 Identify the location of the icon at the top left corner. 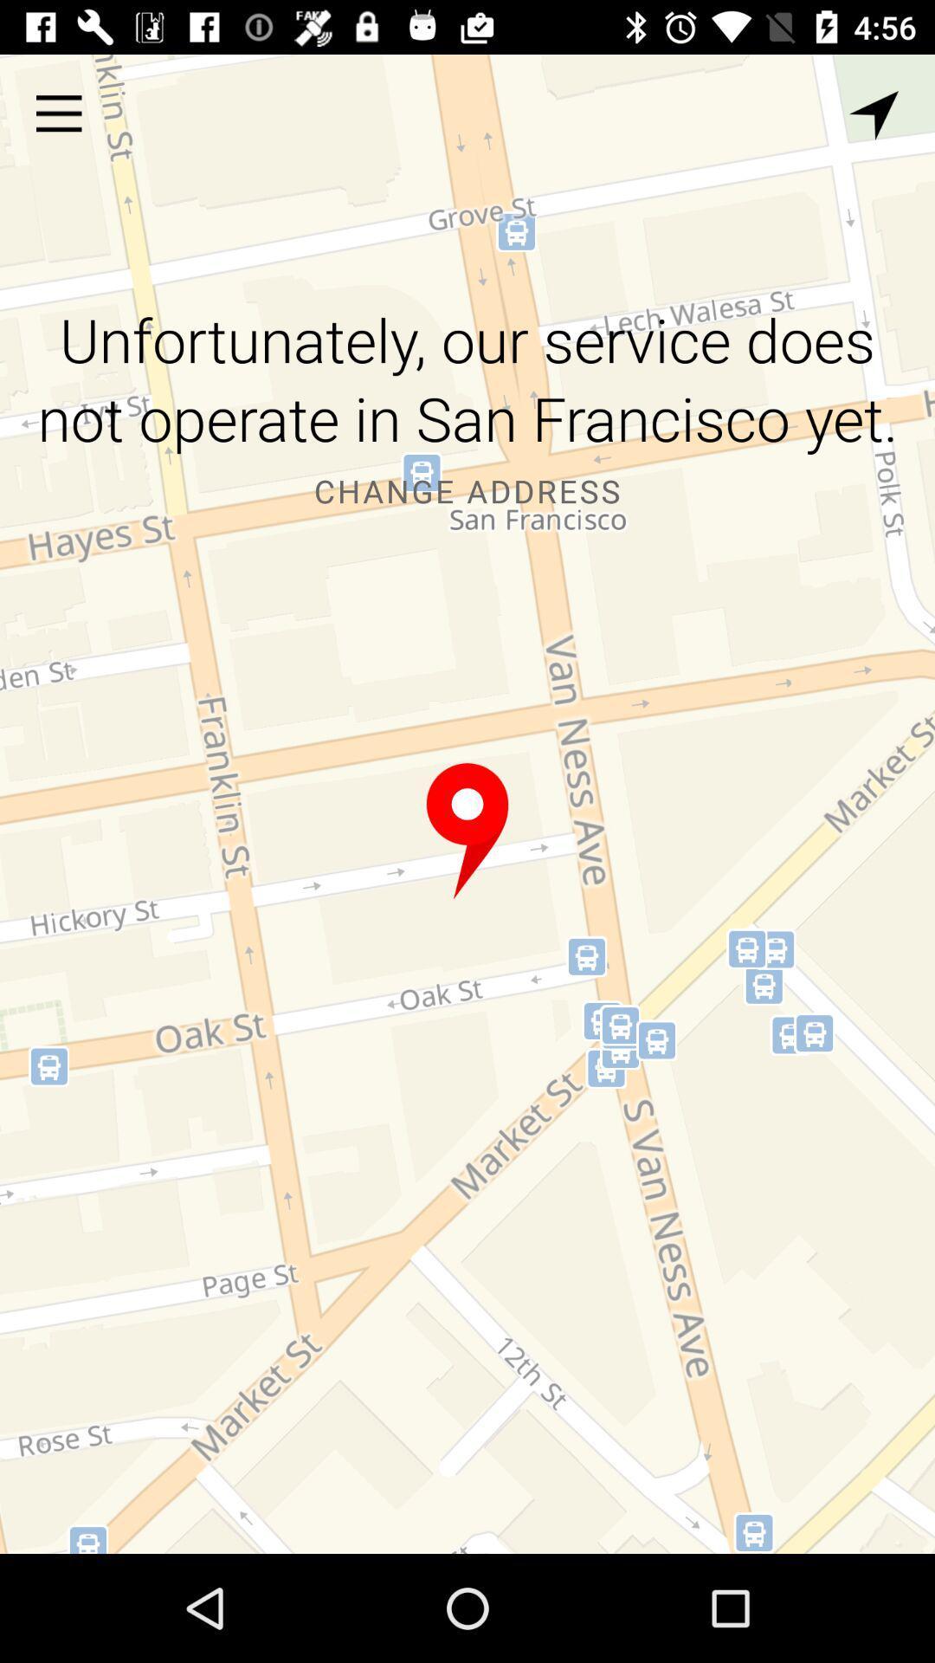
(58, 113).